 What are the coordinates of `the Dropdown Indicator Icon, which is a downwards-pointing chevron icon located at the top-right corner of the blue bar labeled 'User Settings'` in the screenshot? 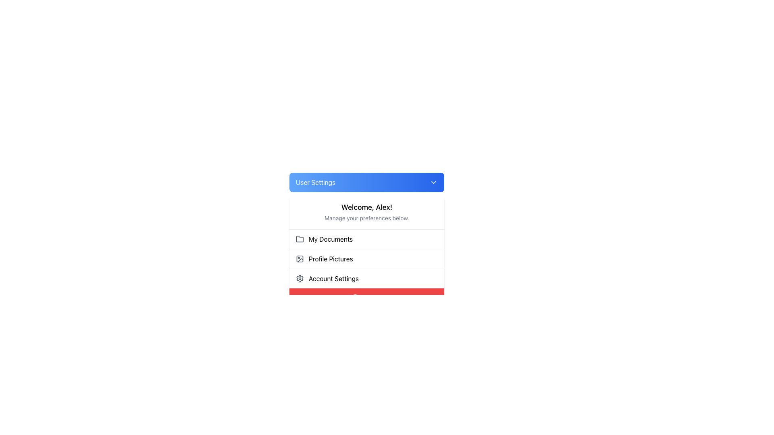 It's located at (433, 182).